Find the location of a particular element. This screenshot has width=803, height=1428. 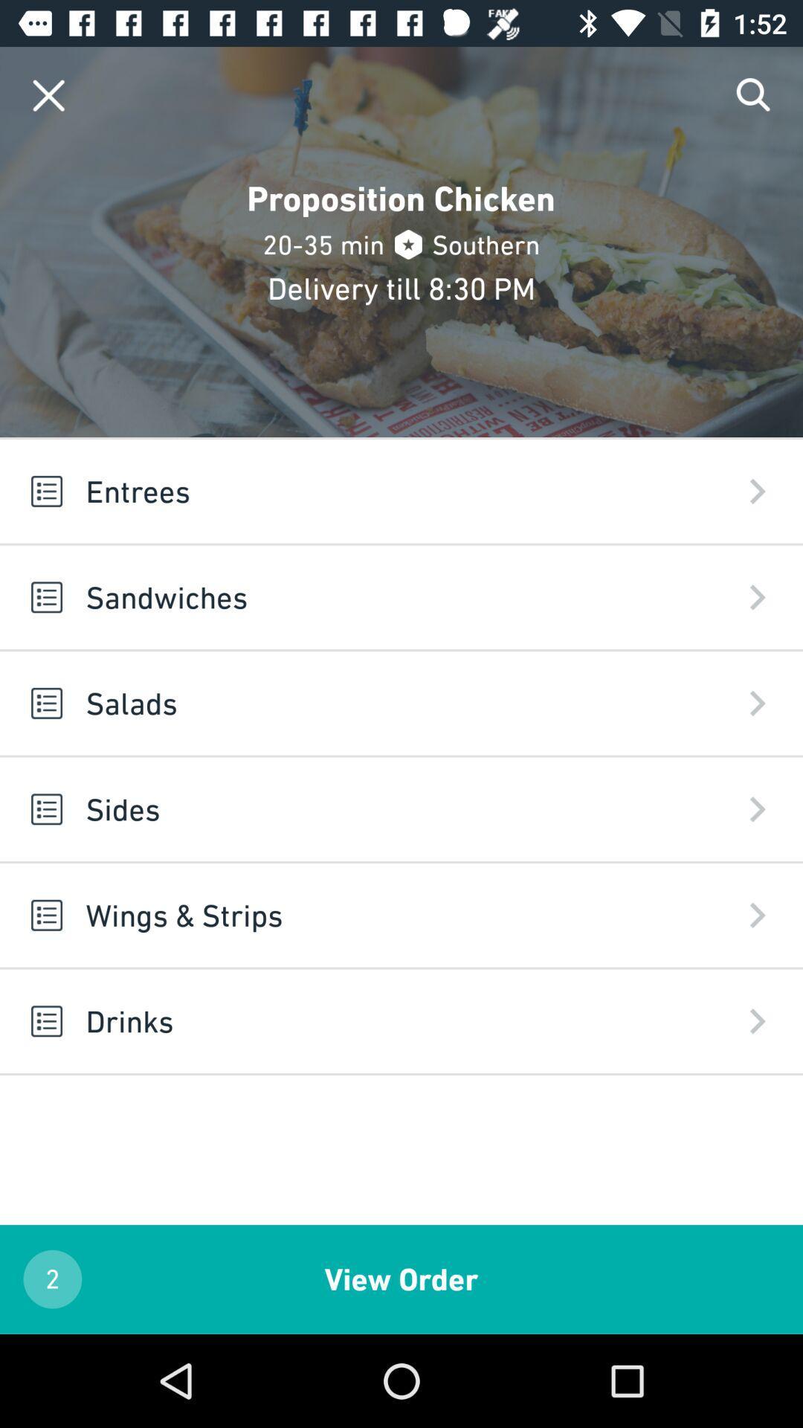

the item at the top right corner is located at coordinates (754, 94).